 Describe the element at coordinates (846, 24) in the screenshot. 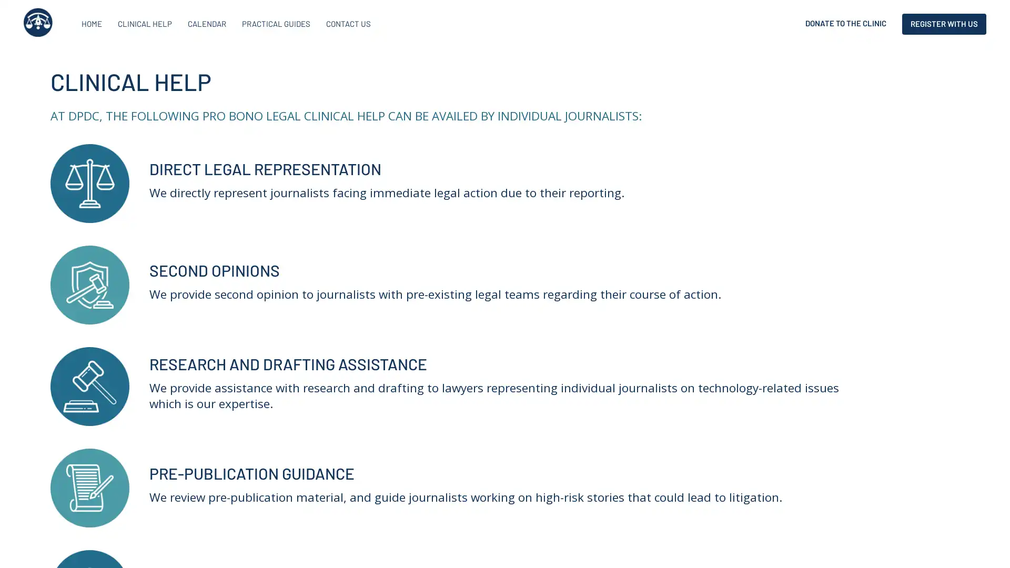

I see `DONATE TO THE CLINIC` at that location.